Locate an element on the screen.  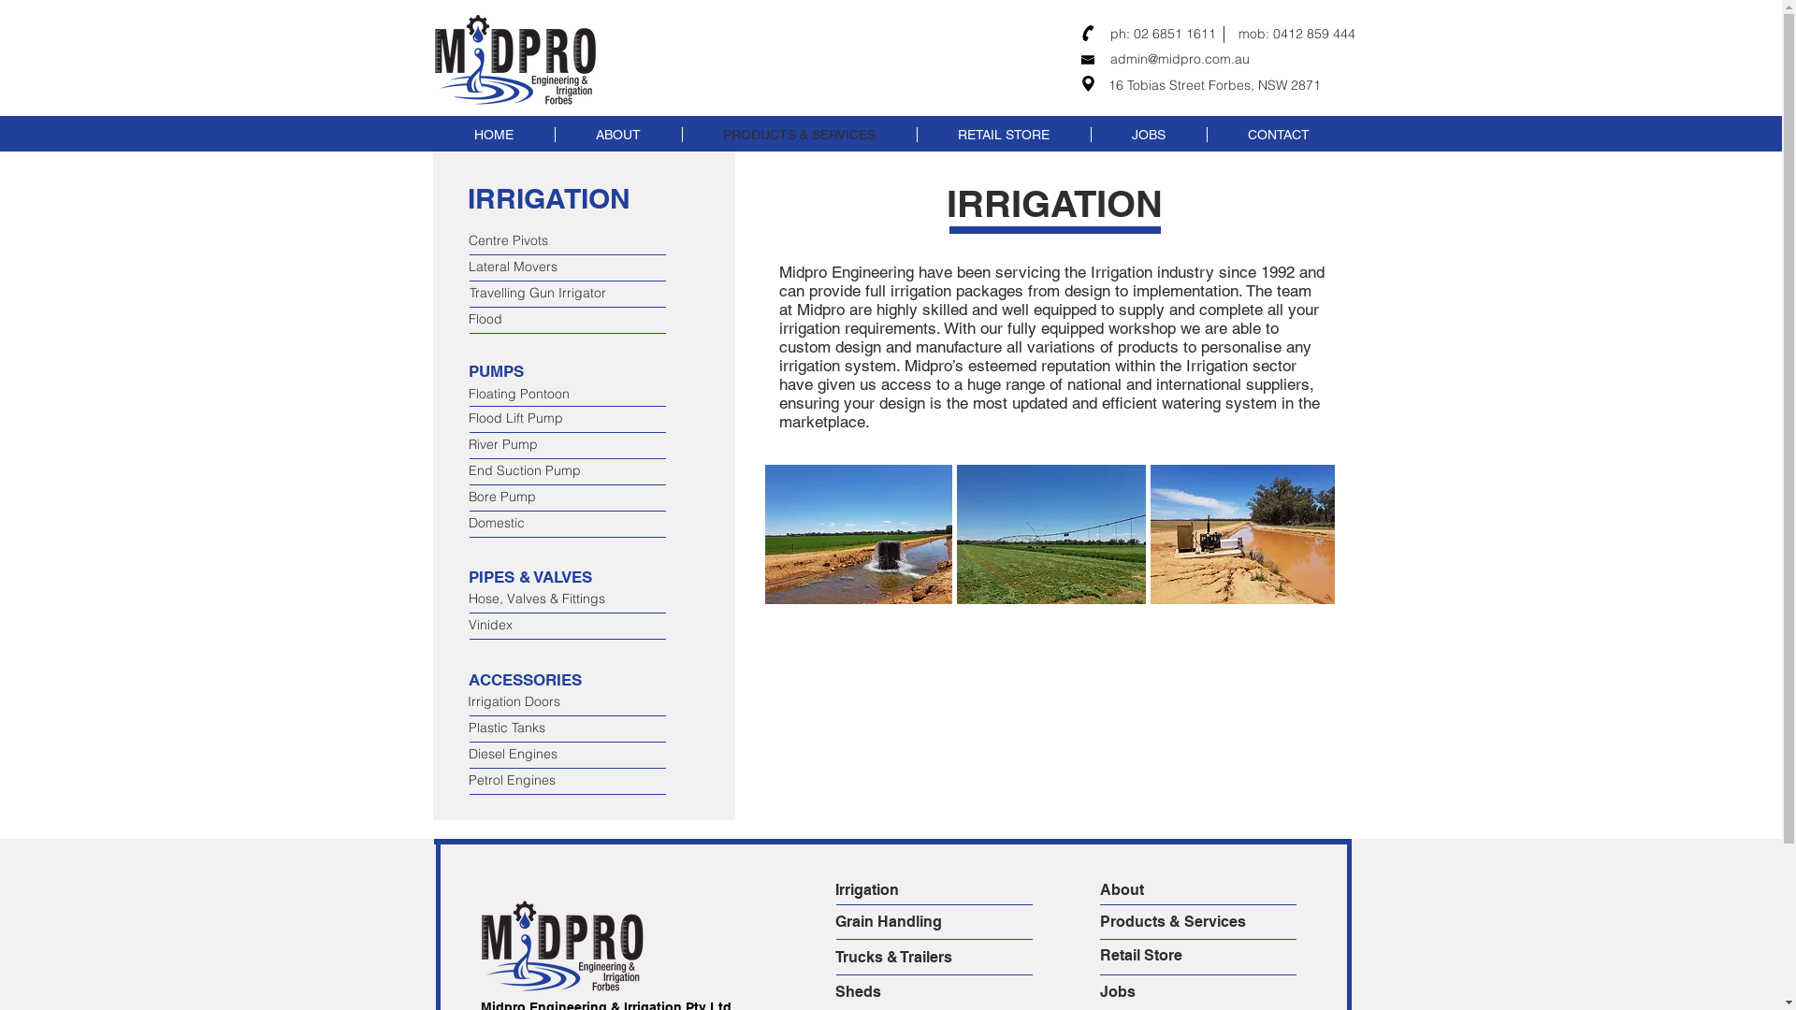
'PRODUCTS & SERVICES' is located at coordinates (680, 133).